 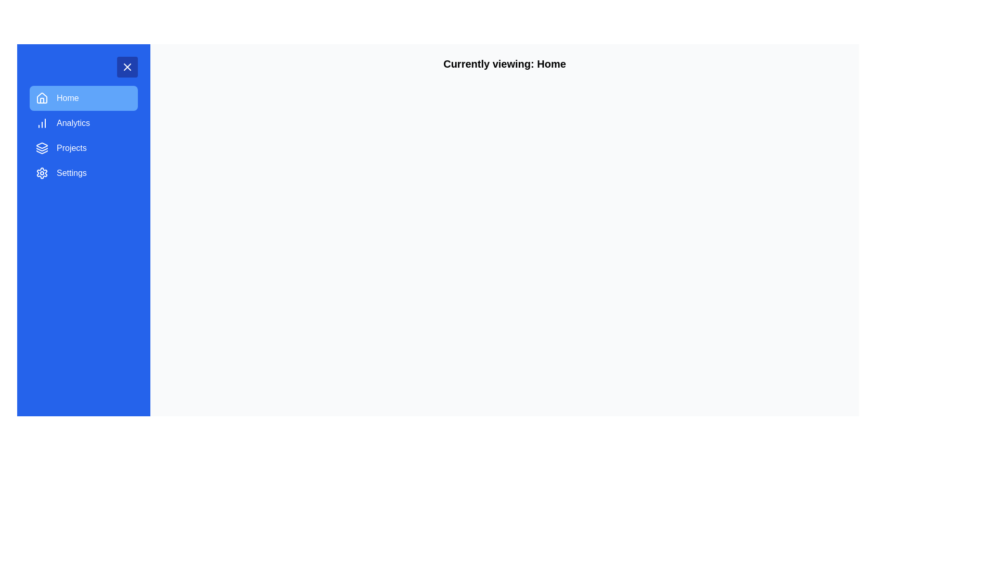 I want to click on the close button icon, which is a white 'X' on a blue circular background located in the top-right corner of the sidebar, so click(x=126, y=67).